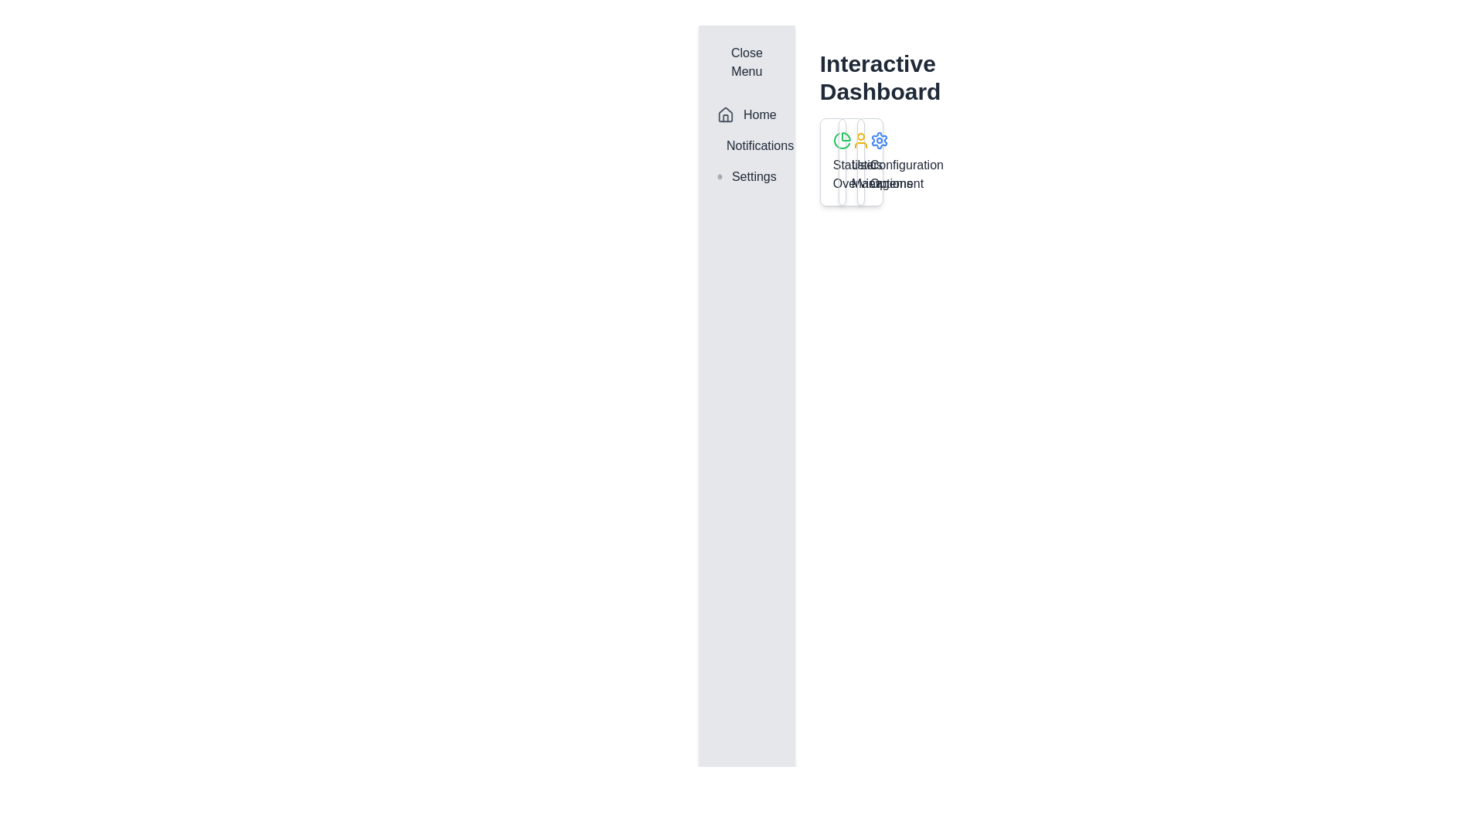 The width and height of the screenshot is (1484, 835). What do you see at coordinates (832, 162) in the screenshot?
I see `the 'Statistics Overview' card, which is the leftmost card in a grid layout containing a green pie chart icon and a gray border` at bounding box center [832, 162].